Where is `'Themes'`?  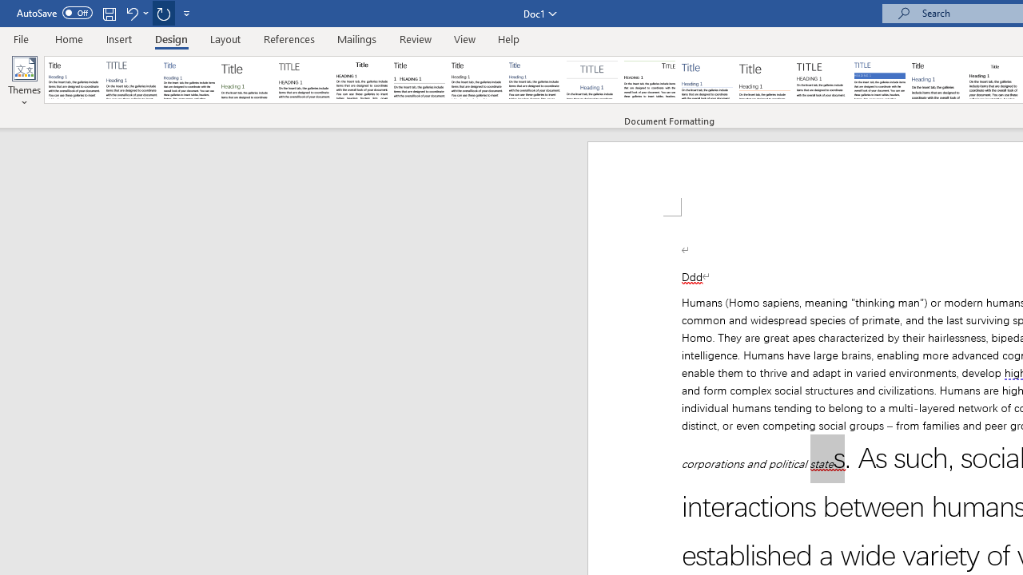
'Themes' is located at coordinates (24, 82).